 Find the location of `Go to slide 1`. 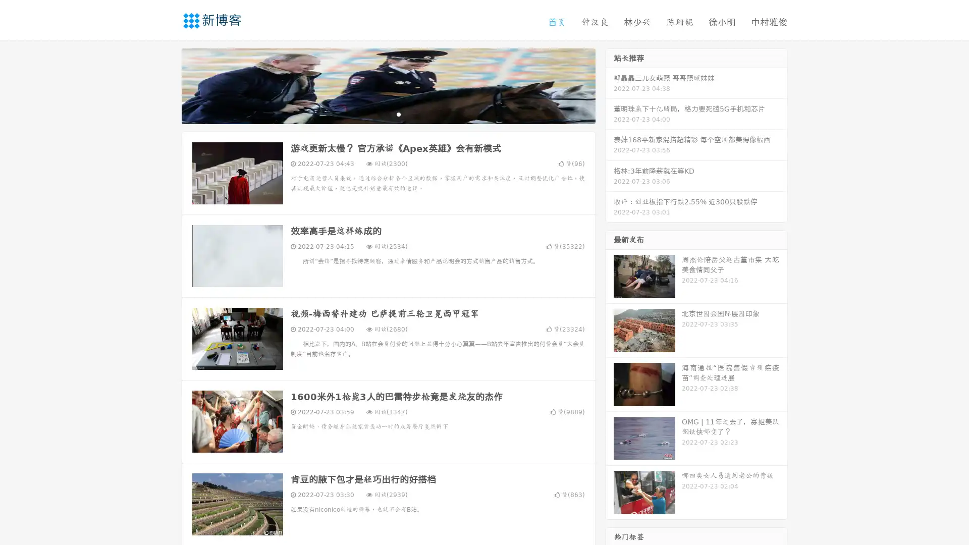

Go to slide 1 is located at coordinates (378, 114).